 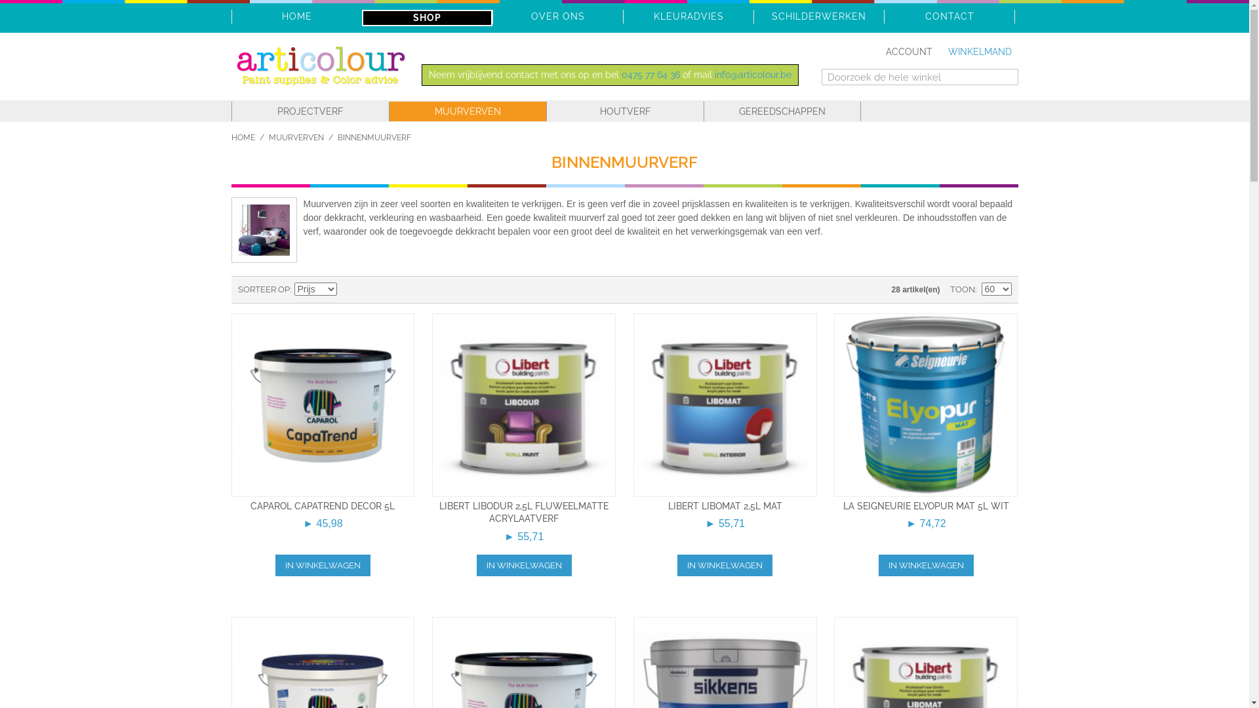 I want to click on 'MUURVERVEN', so click(x=468, y=110).